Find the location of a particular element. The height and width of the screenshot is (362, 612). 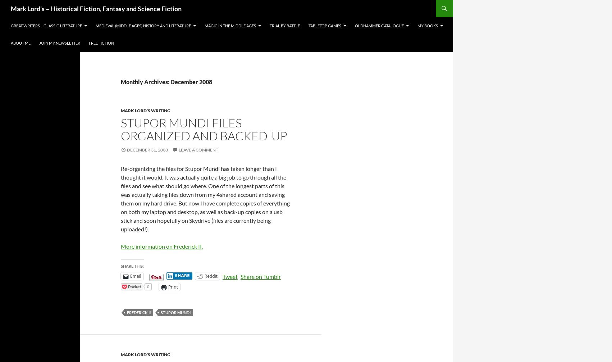

'About Me' is located at coordinates (10, 43).